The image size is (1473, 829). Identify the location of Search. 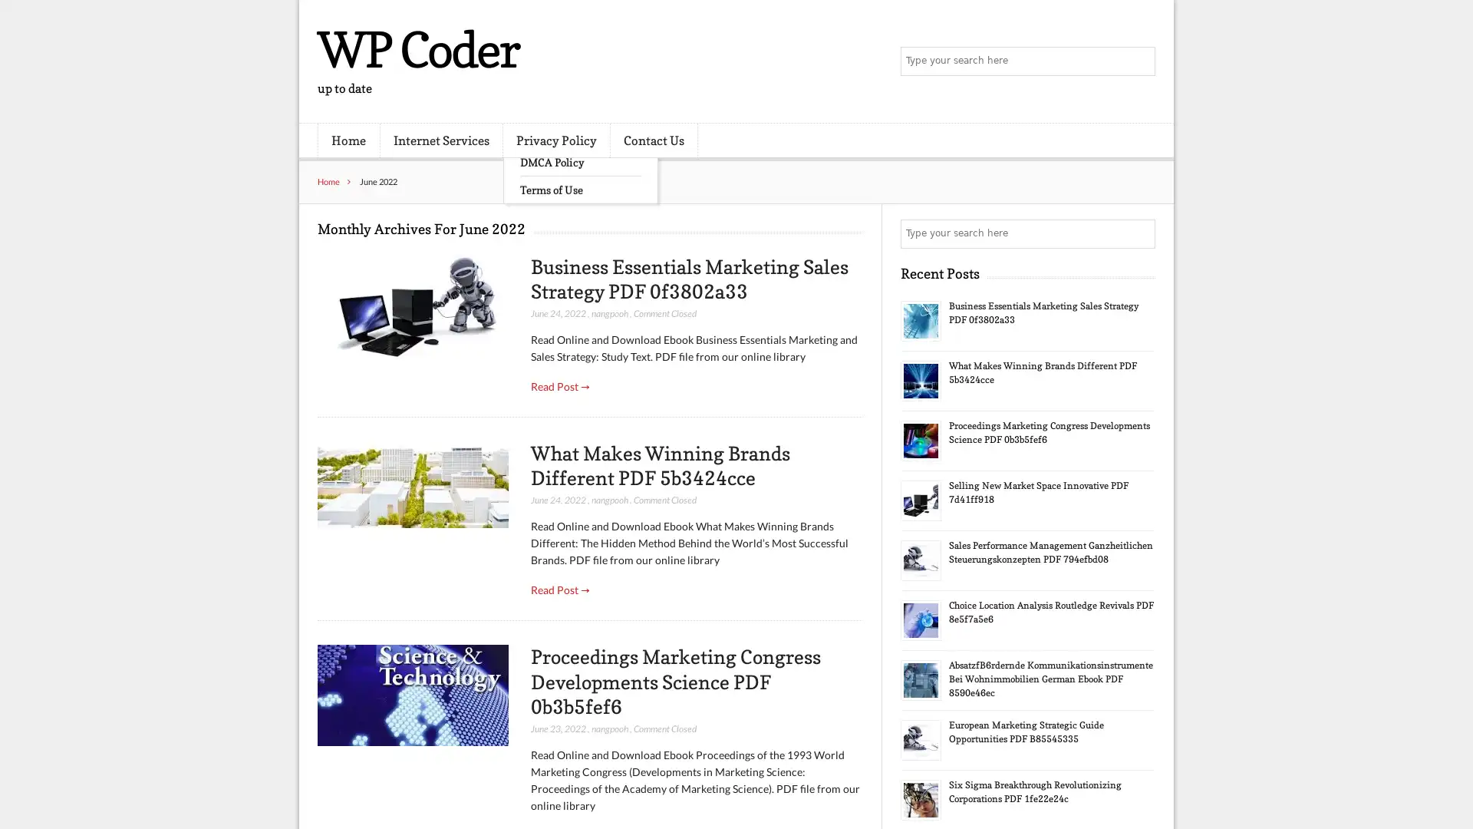
(1139, 233).